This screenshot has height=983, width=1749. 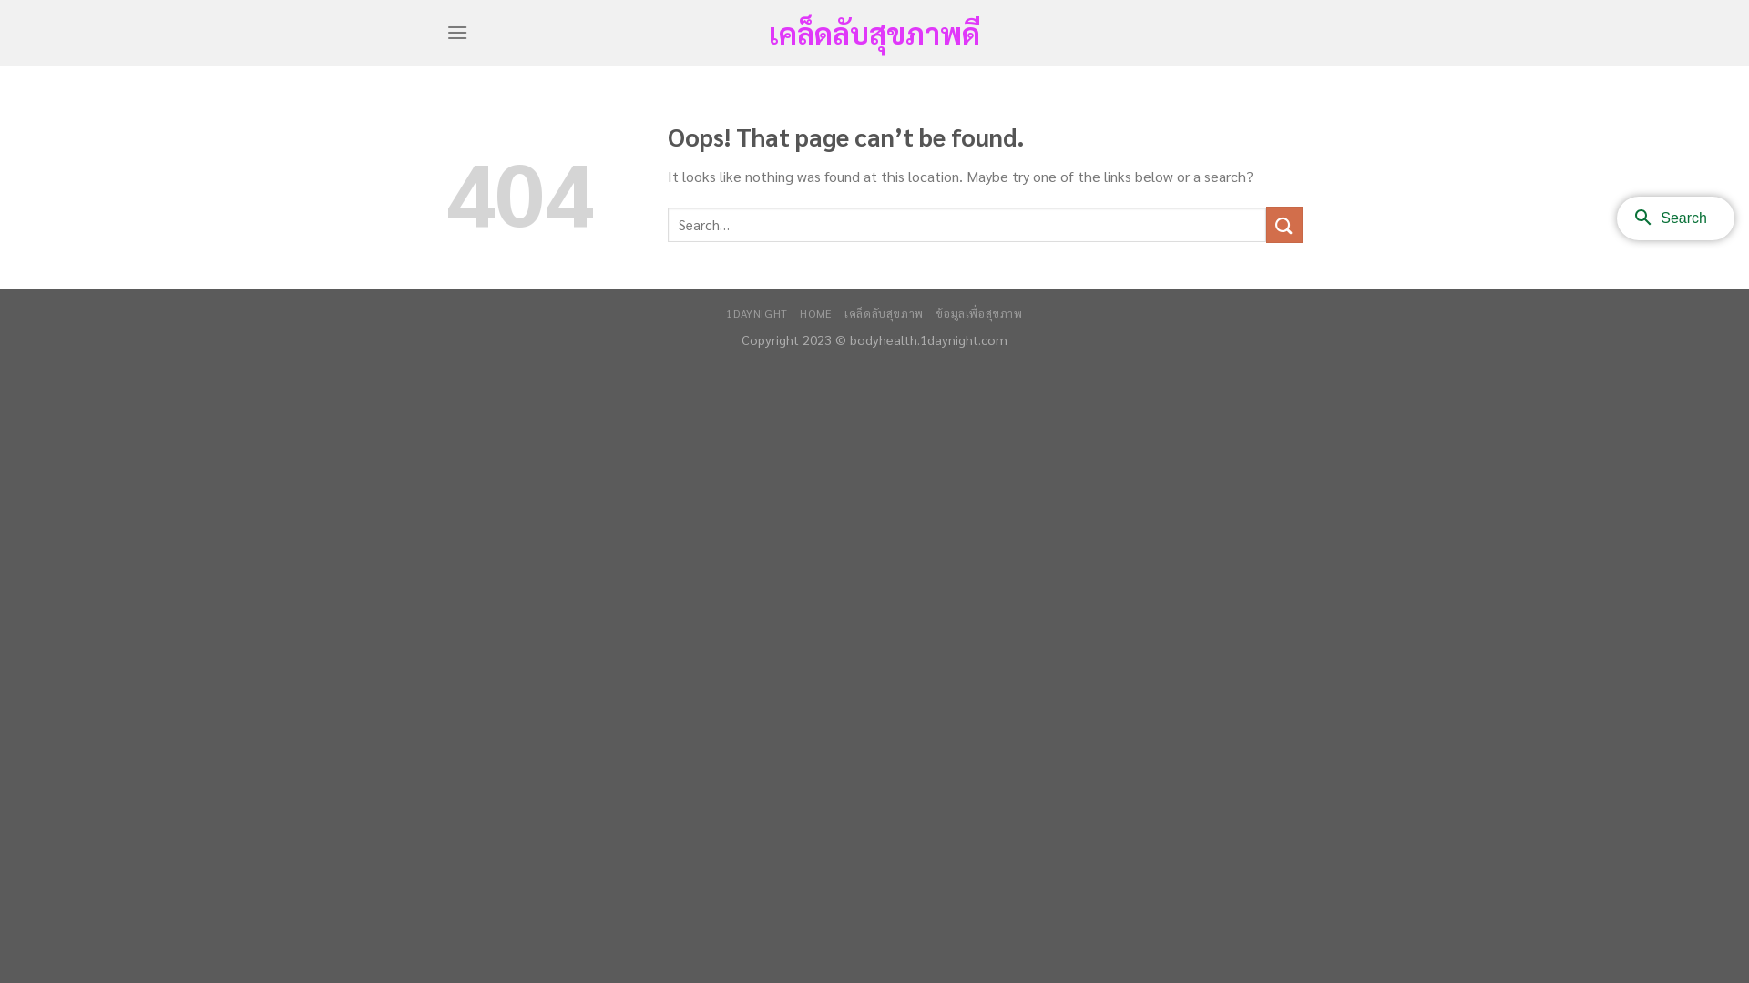 I want to click on 'HOME', so click(x=814, y=311).